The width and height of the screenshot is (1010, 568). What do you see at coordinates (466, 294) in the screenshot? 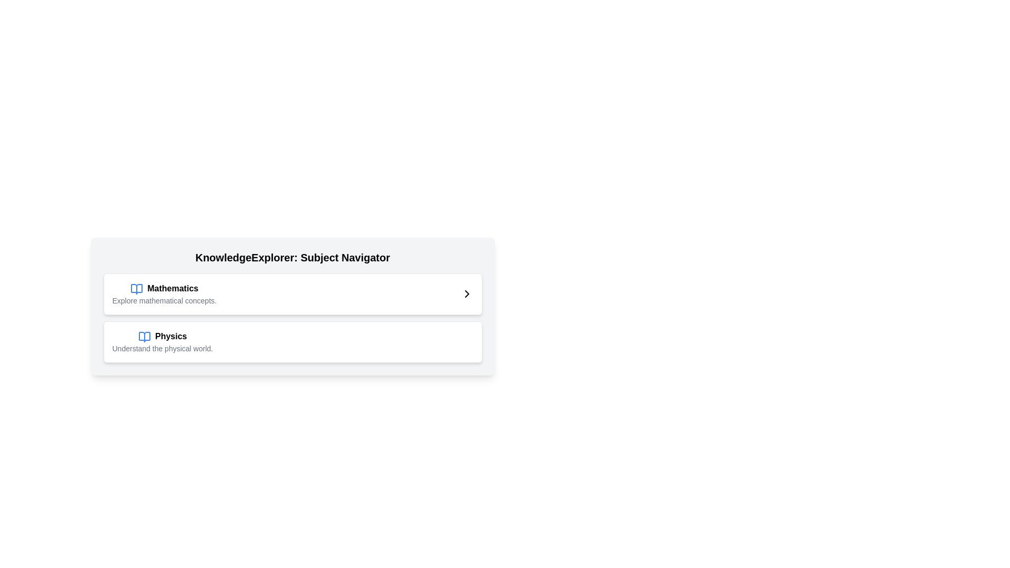
I see `the chevron or arrow icon representing navigational indication for the 'Mathematics' section` at bounding box center [466, 294].